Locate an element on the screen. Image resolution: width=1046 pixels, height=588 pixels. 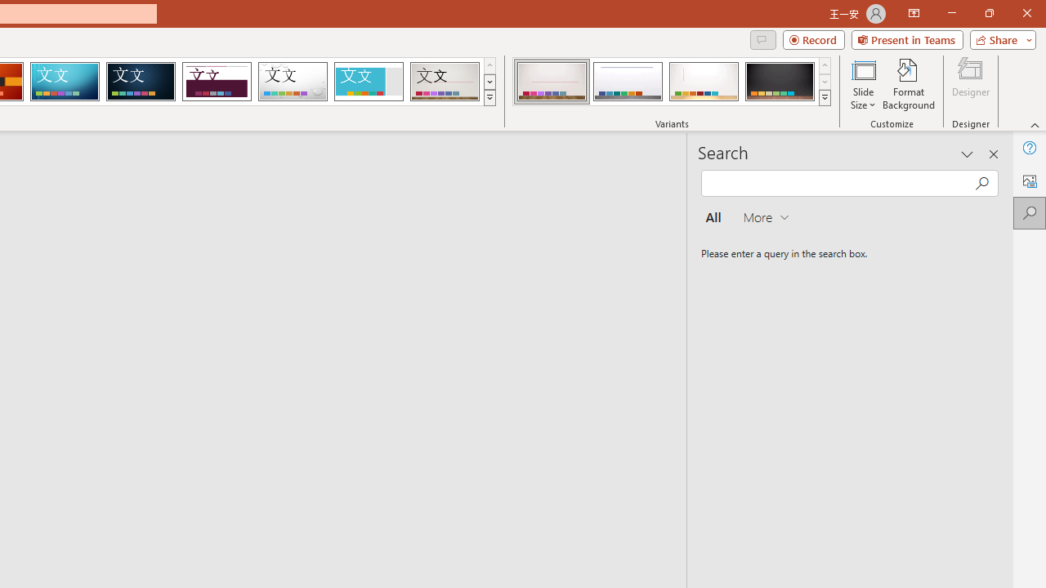
'Themes' is located at coordinates (489, 98).